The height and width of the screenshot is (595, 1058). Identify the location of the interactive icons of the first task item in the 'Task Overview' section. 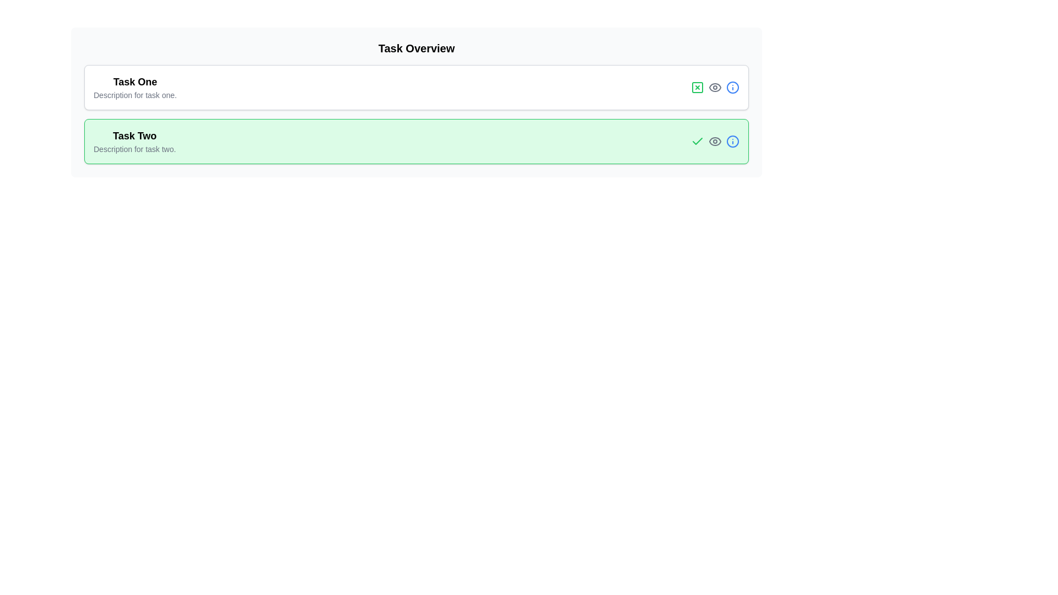
(415, 86).